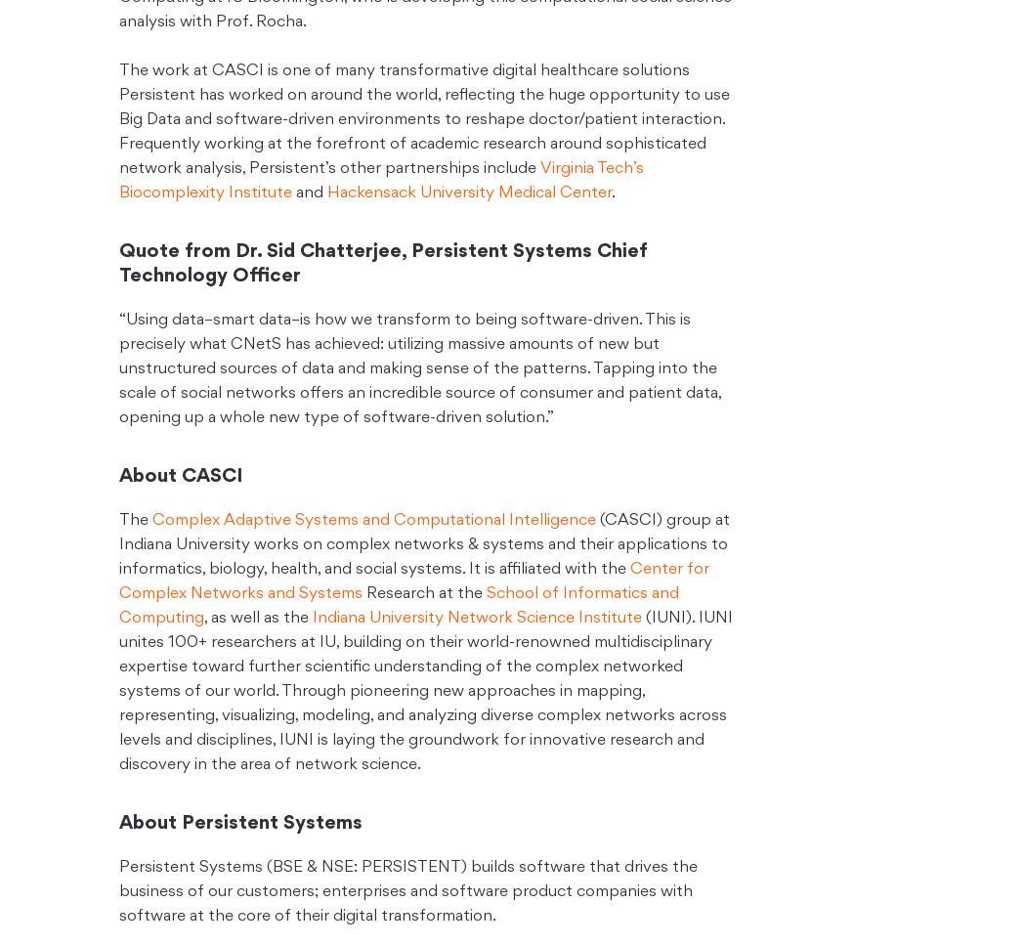 This screenshot has width=1026, height=946. Describe the element at coordinates (383, 264) in the screenshot. I see `'Quote from Dr. Sid Chatterjee, Persistent Systems Chief Technology Officer'` at that location.